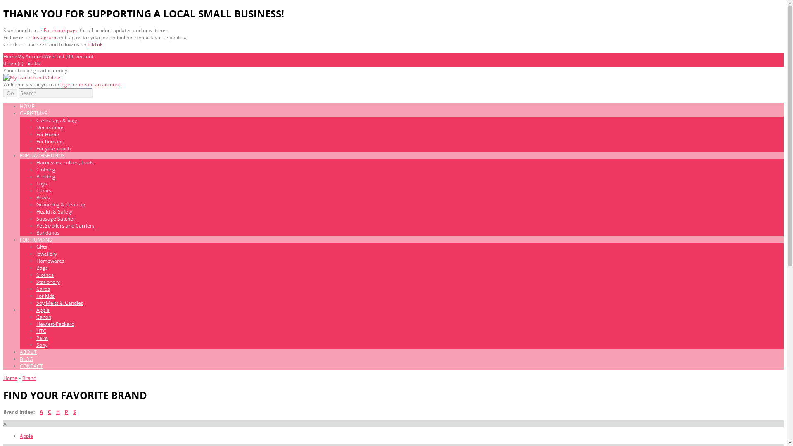 The height and width of the screenshot is (446, 793). Describe the element at coordinates (50, 127) in the screenshot. I see `'Decorations'` at that location.